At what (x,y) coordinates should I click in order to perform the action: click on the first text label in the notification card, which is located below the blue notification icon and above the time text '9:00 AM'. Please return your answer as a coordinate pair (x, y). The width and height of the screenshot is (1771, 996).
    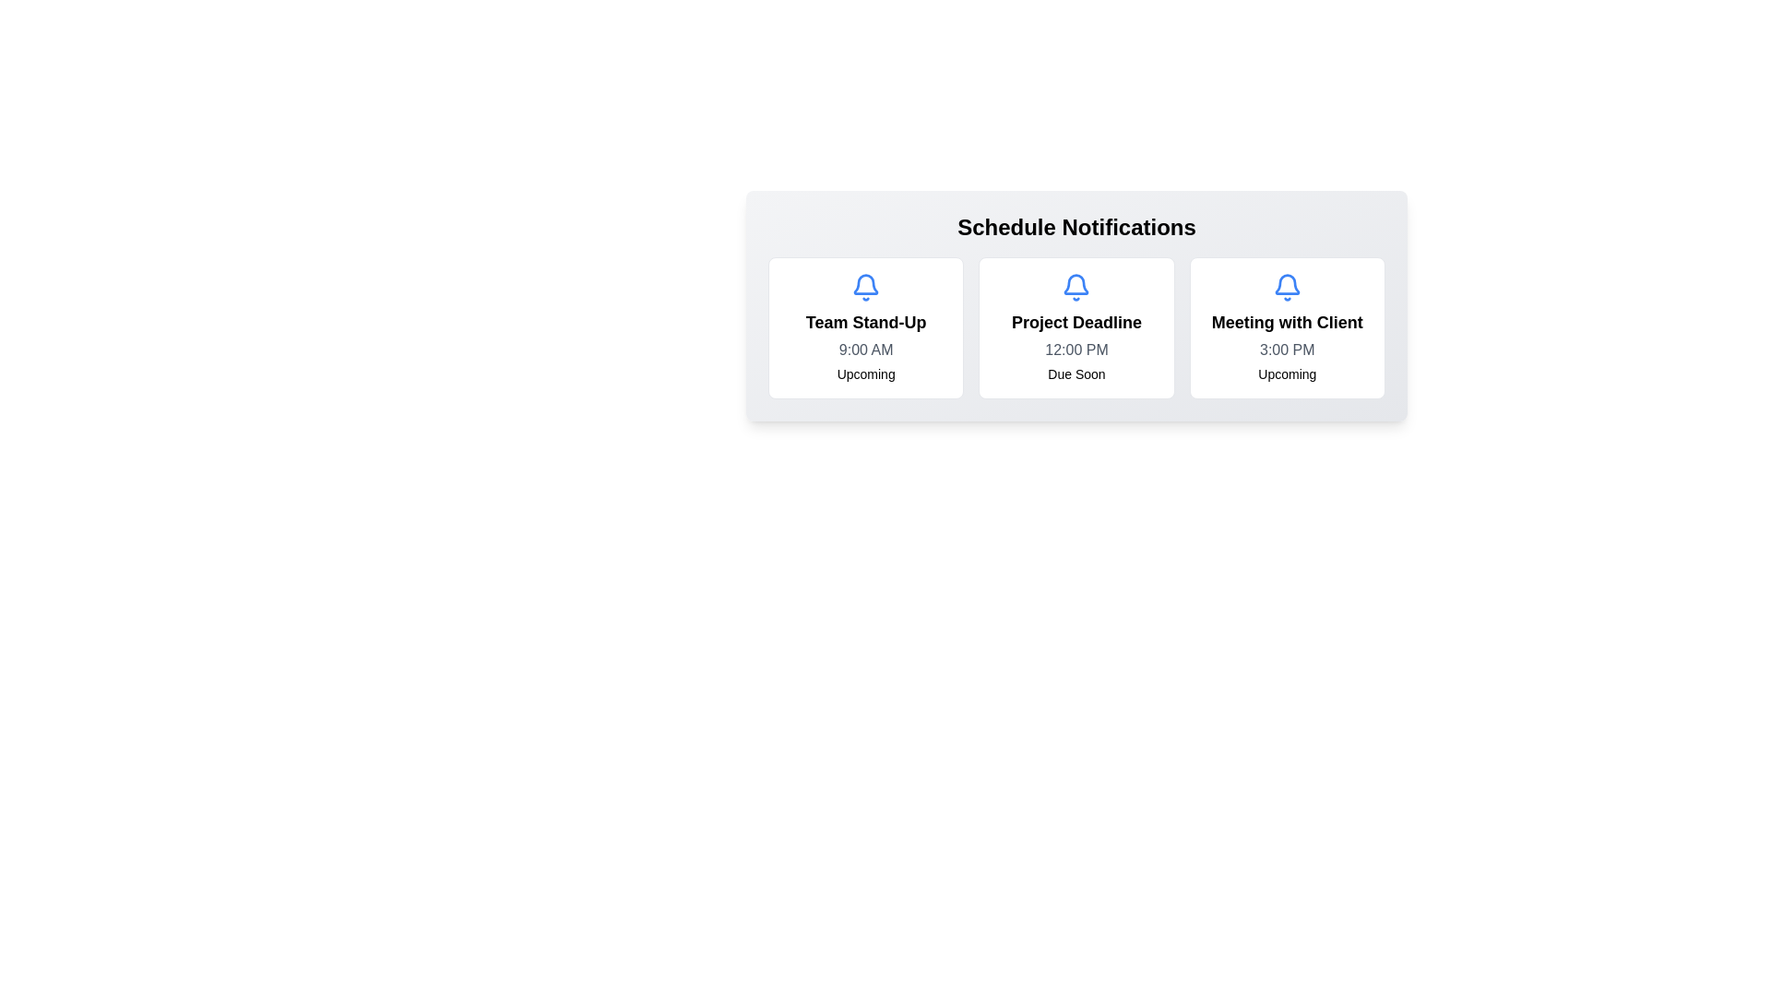
    Looking at the image, I should click on (865, 322).